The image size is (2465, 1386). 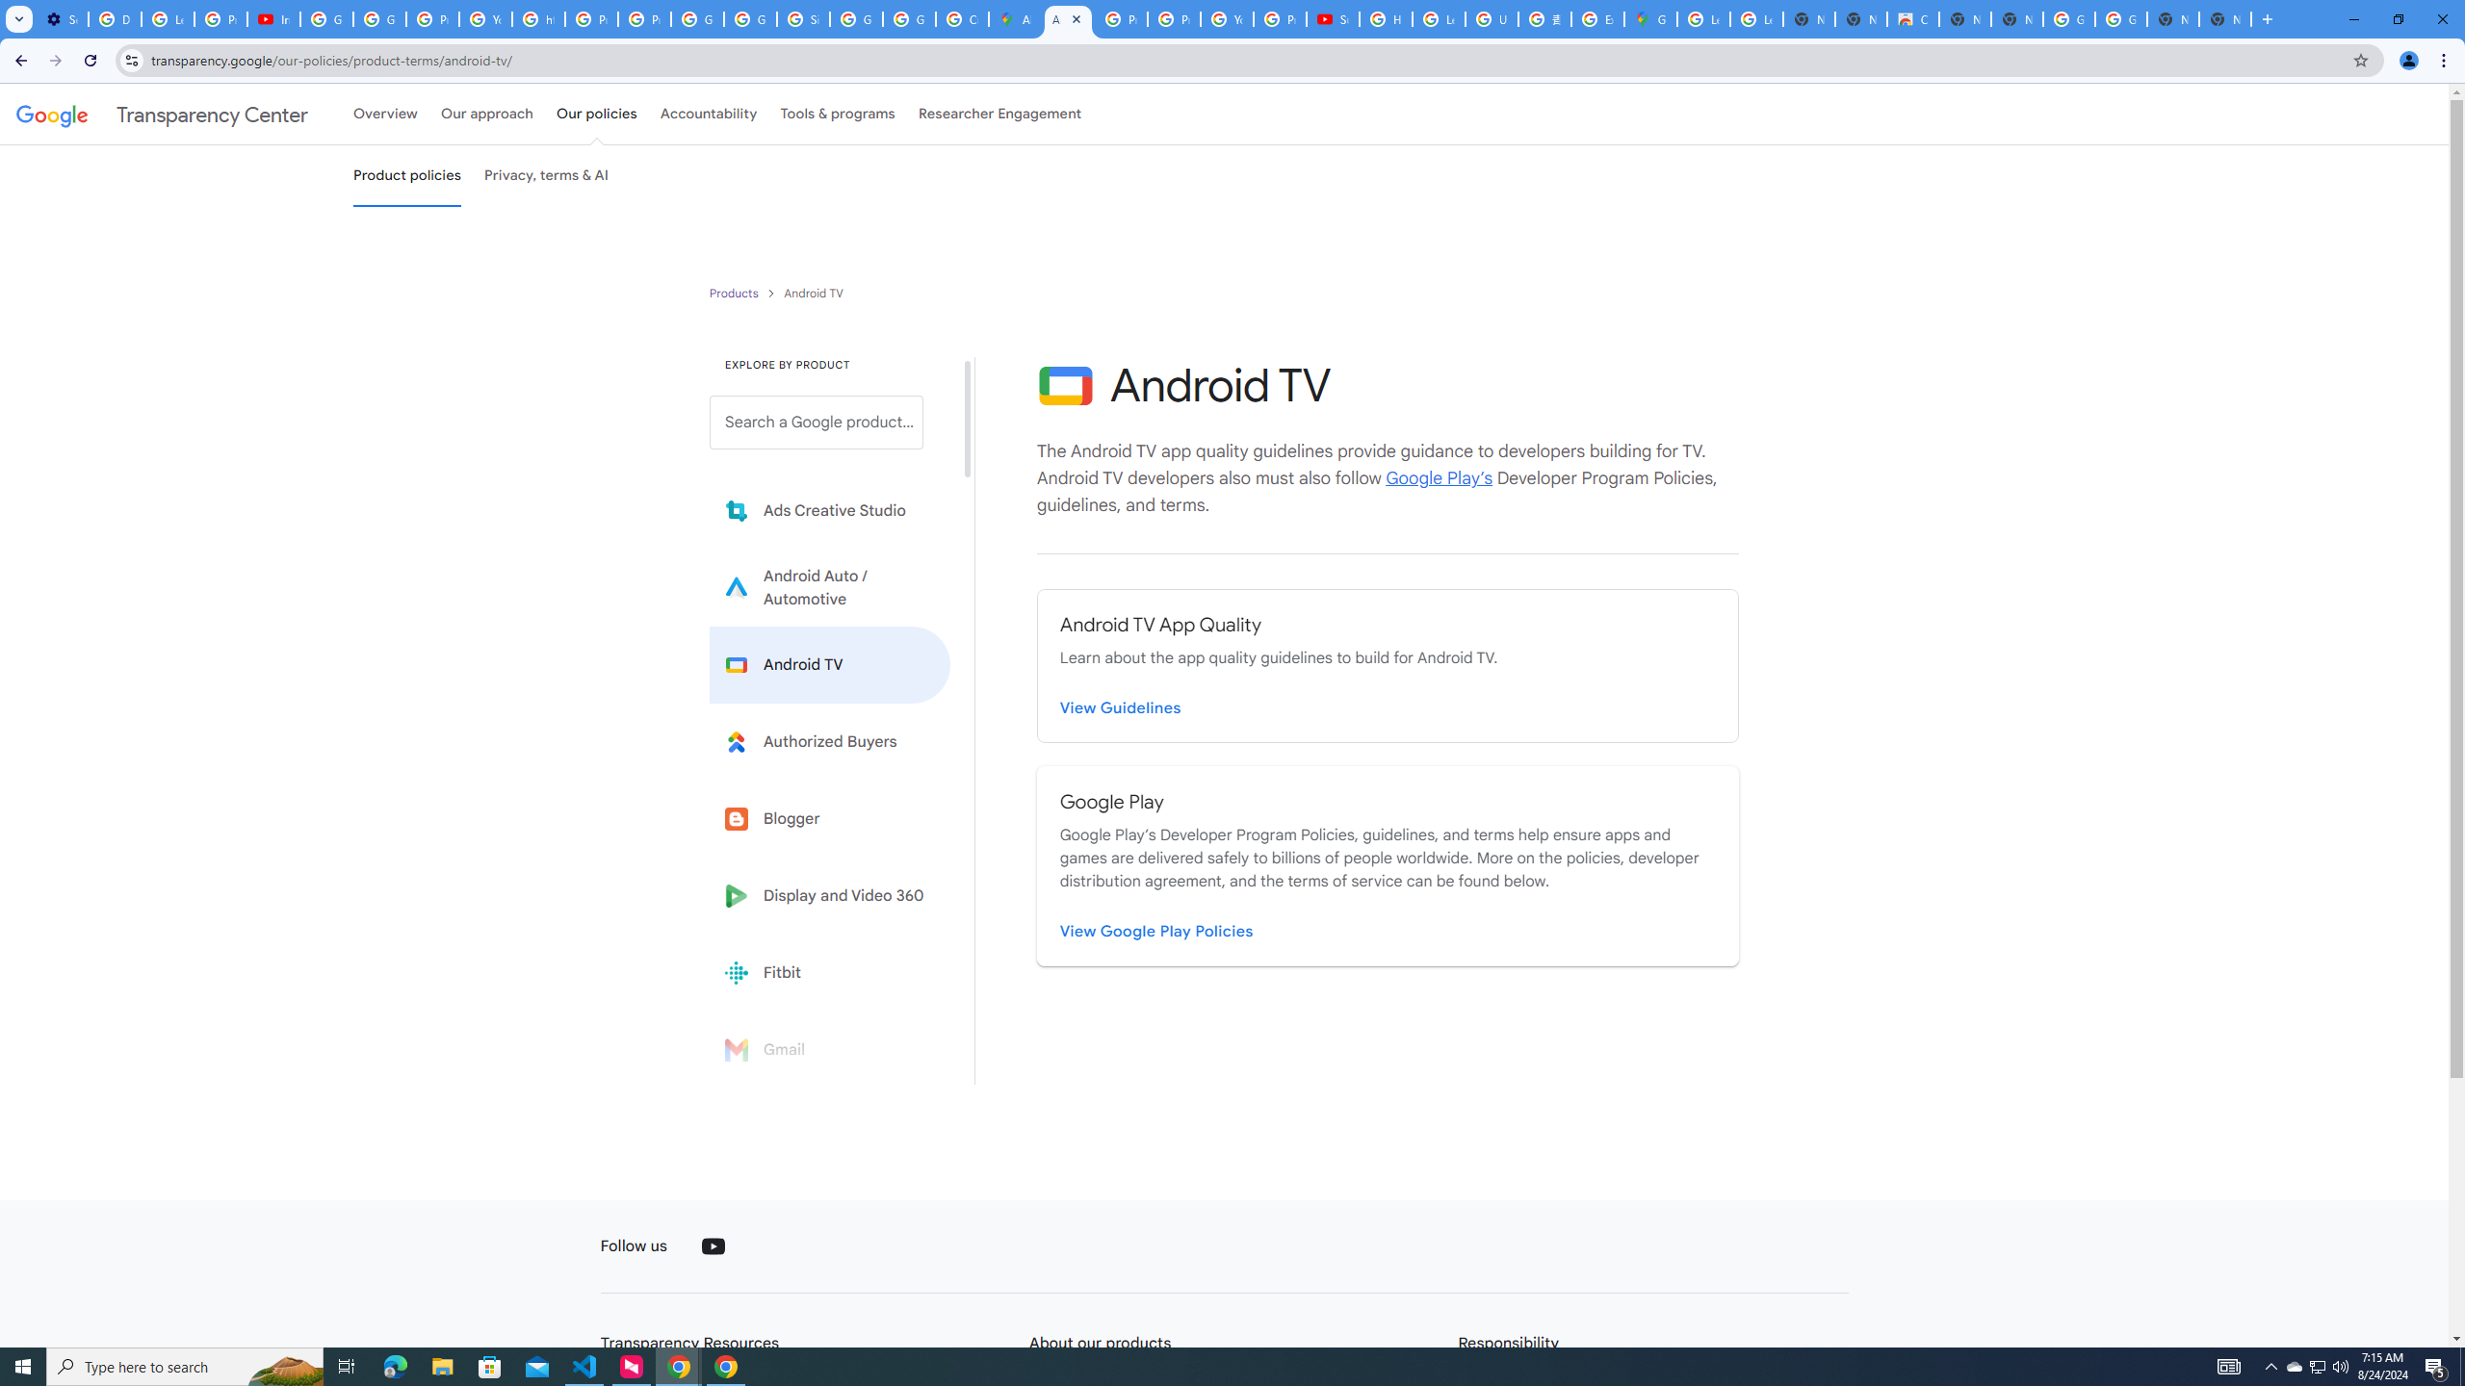 I want to click on 'Introduction | Google Privacy Policy - YouTube', so click(x=273, y=18).